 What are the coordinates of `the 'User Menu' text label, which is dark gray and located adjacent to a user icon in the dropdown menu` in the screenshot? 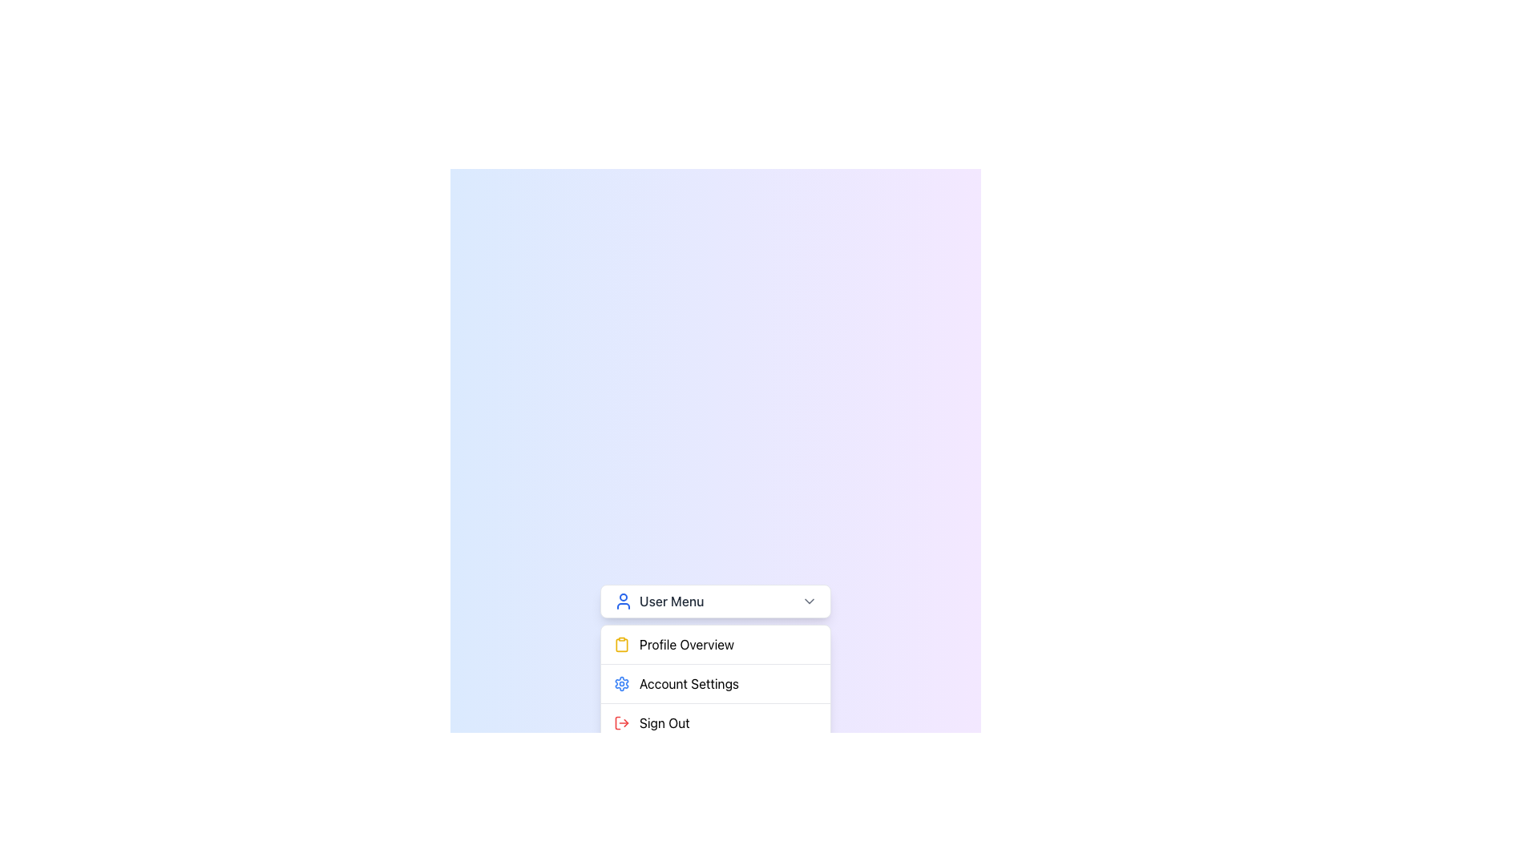 It's located at (659, 601).